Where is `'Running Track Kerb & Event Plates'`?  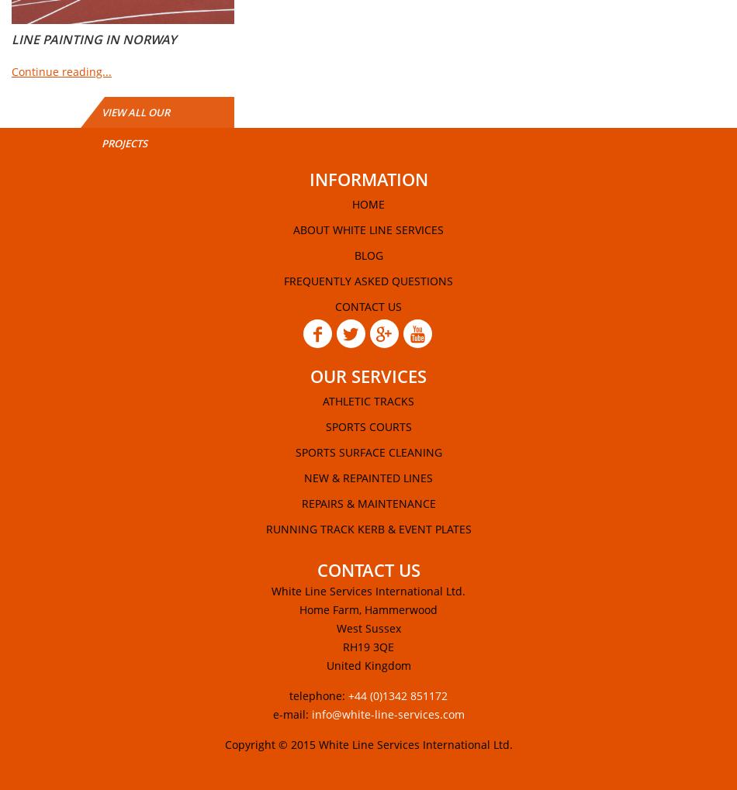
'Running Track Kerb & Event Plates' is located at coordinates (367, 528).